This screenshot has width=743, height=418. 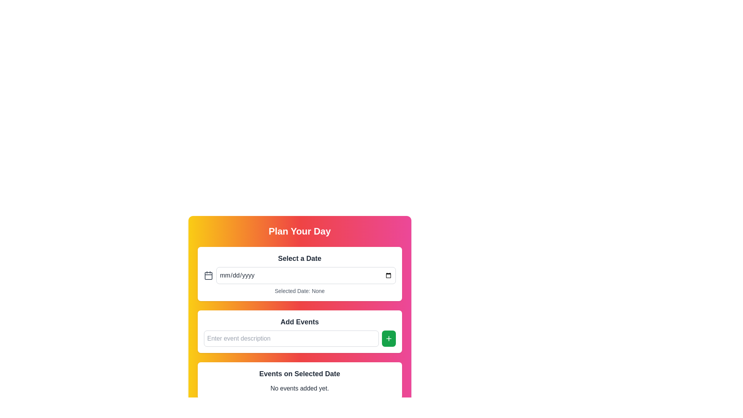 What do you see at coordinates (208, 276) in the screenshot?
I see `the small rectangular SVG icon with rounded corners located within the calendar icon graphic, which is positioned in the central area of the rectangle inside the calendar's depiction` at bounding box center [208, 276].